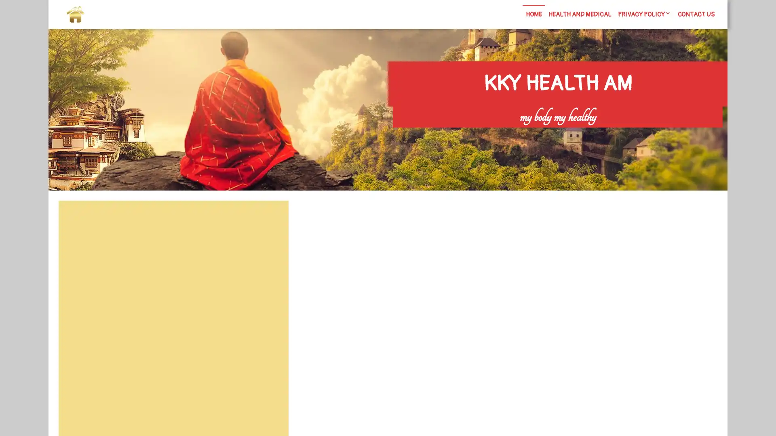 Image resolution: width=776 pixels, height=436 pixels. I want to click on Search, so click(629, 132).